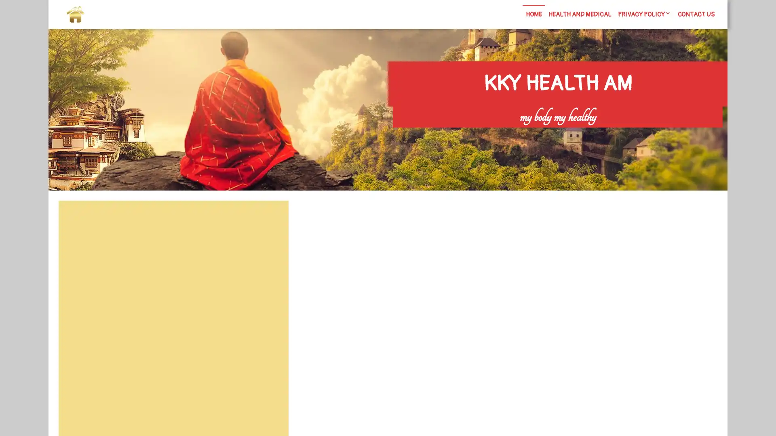 Image resolution: width=776 pixels, height=436 pixels. I want to click on Search, so click(629, 132).